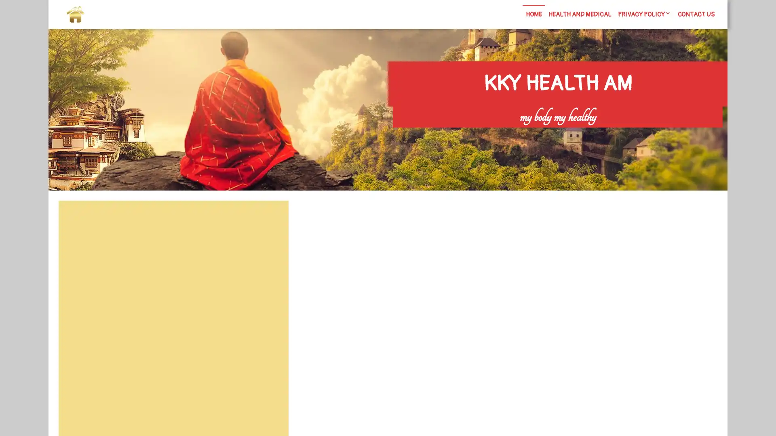 Image resolution: width=776 pixels, height=436 pixels. I want to click on Search, so click(629, 132).